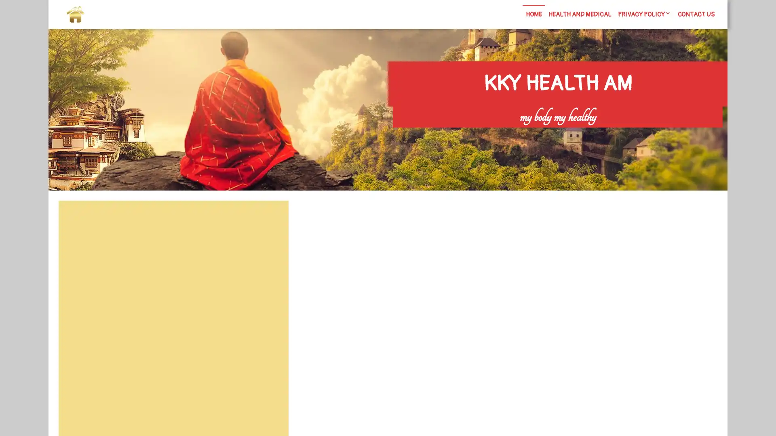 Image resolution: width=776 pixels, height=436 pixels. I want to click on Search, so click(629, 132).